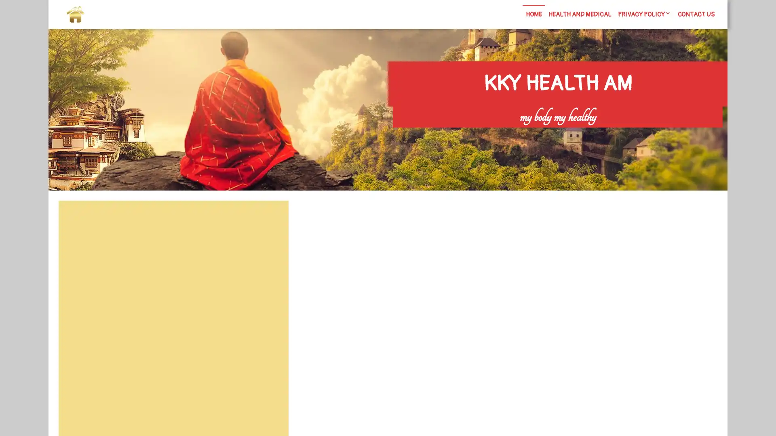 Image resolution: width=776 pixels, height=436 pixels. I want to click on Search, so click(629, 132).